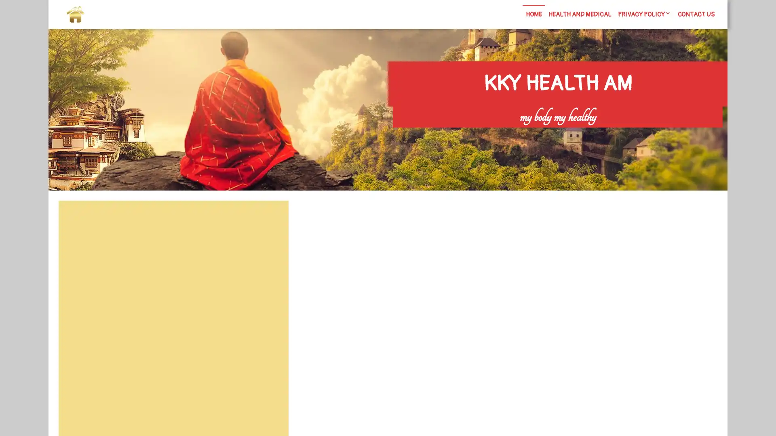 Image resolution: width=776 pixels, height=436 pixels. I want to click on Search, so click(629, 132).